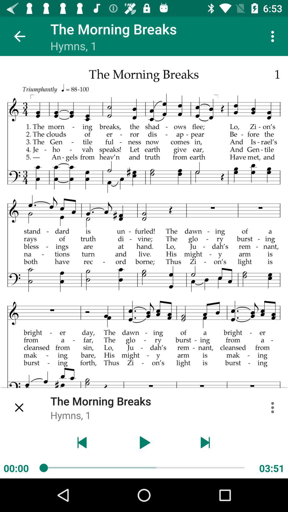 This screenshot has height=512, width=288. I want to click on end, so click(205, 442).